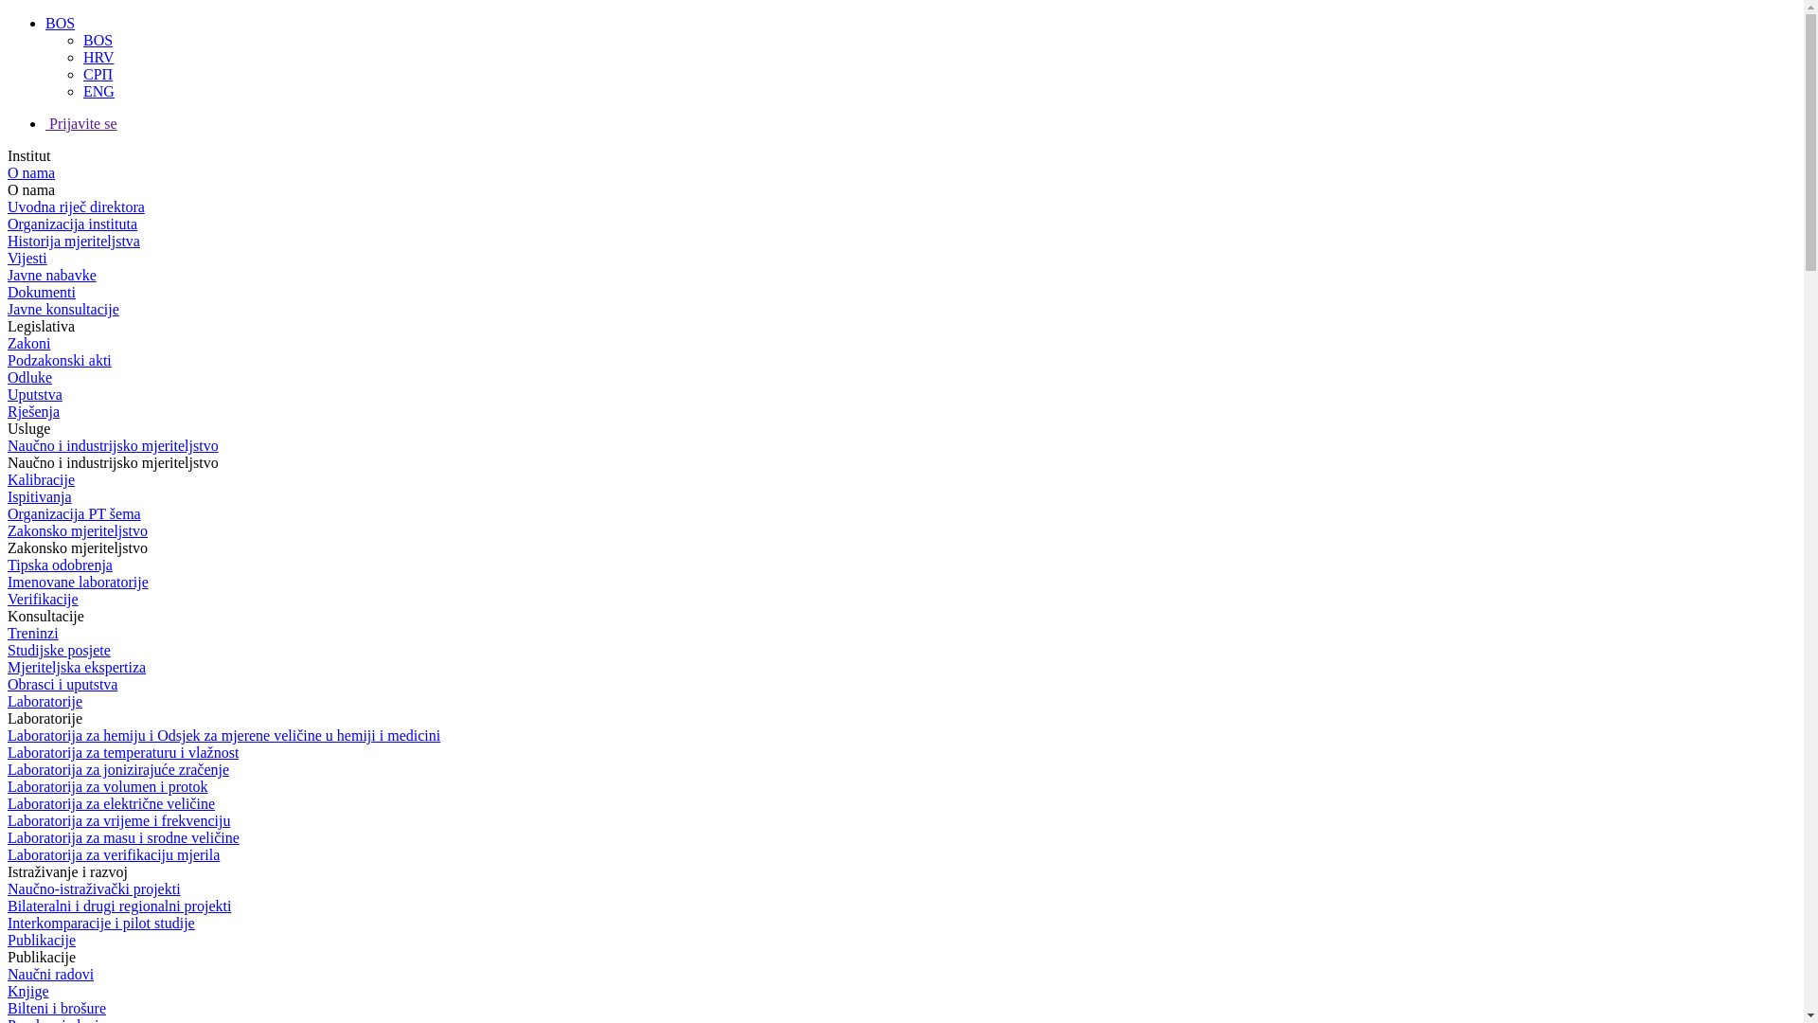  What do you see at coordinates (76, 530) in the screenshot?
I see `'Zakonsko mjeriteljstvo'` at bounding box center [76, 530].